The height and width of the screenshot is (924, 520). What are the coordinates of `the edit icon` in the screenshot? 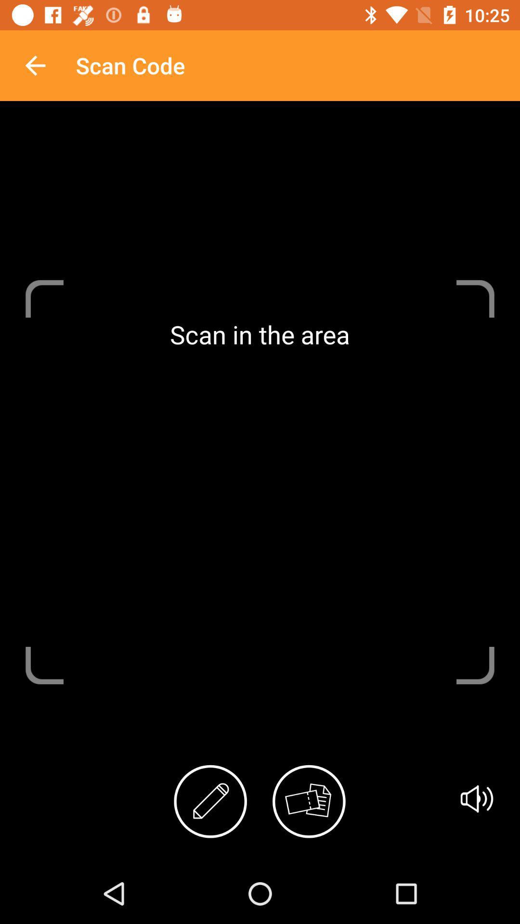 It's located at (210, 801).